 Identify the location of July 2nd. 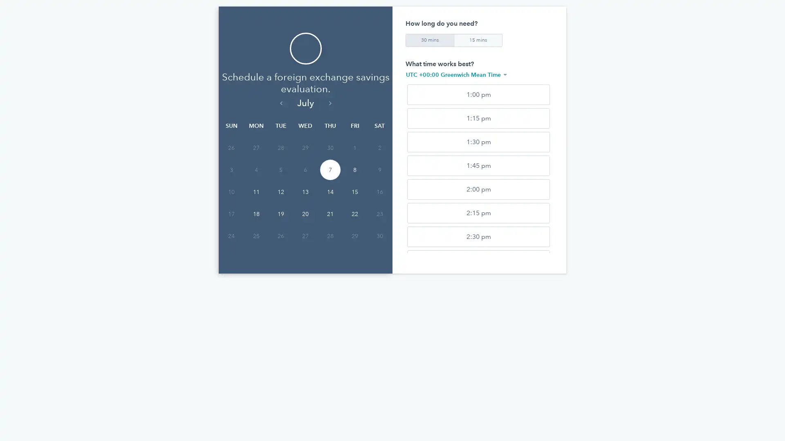
(379, 148).